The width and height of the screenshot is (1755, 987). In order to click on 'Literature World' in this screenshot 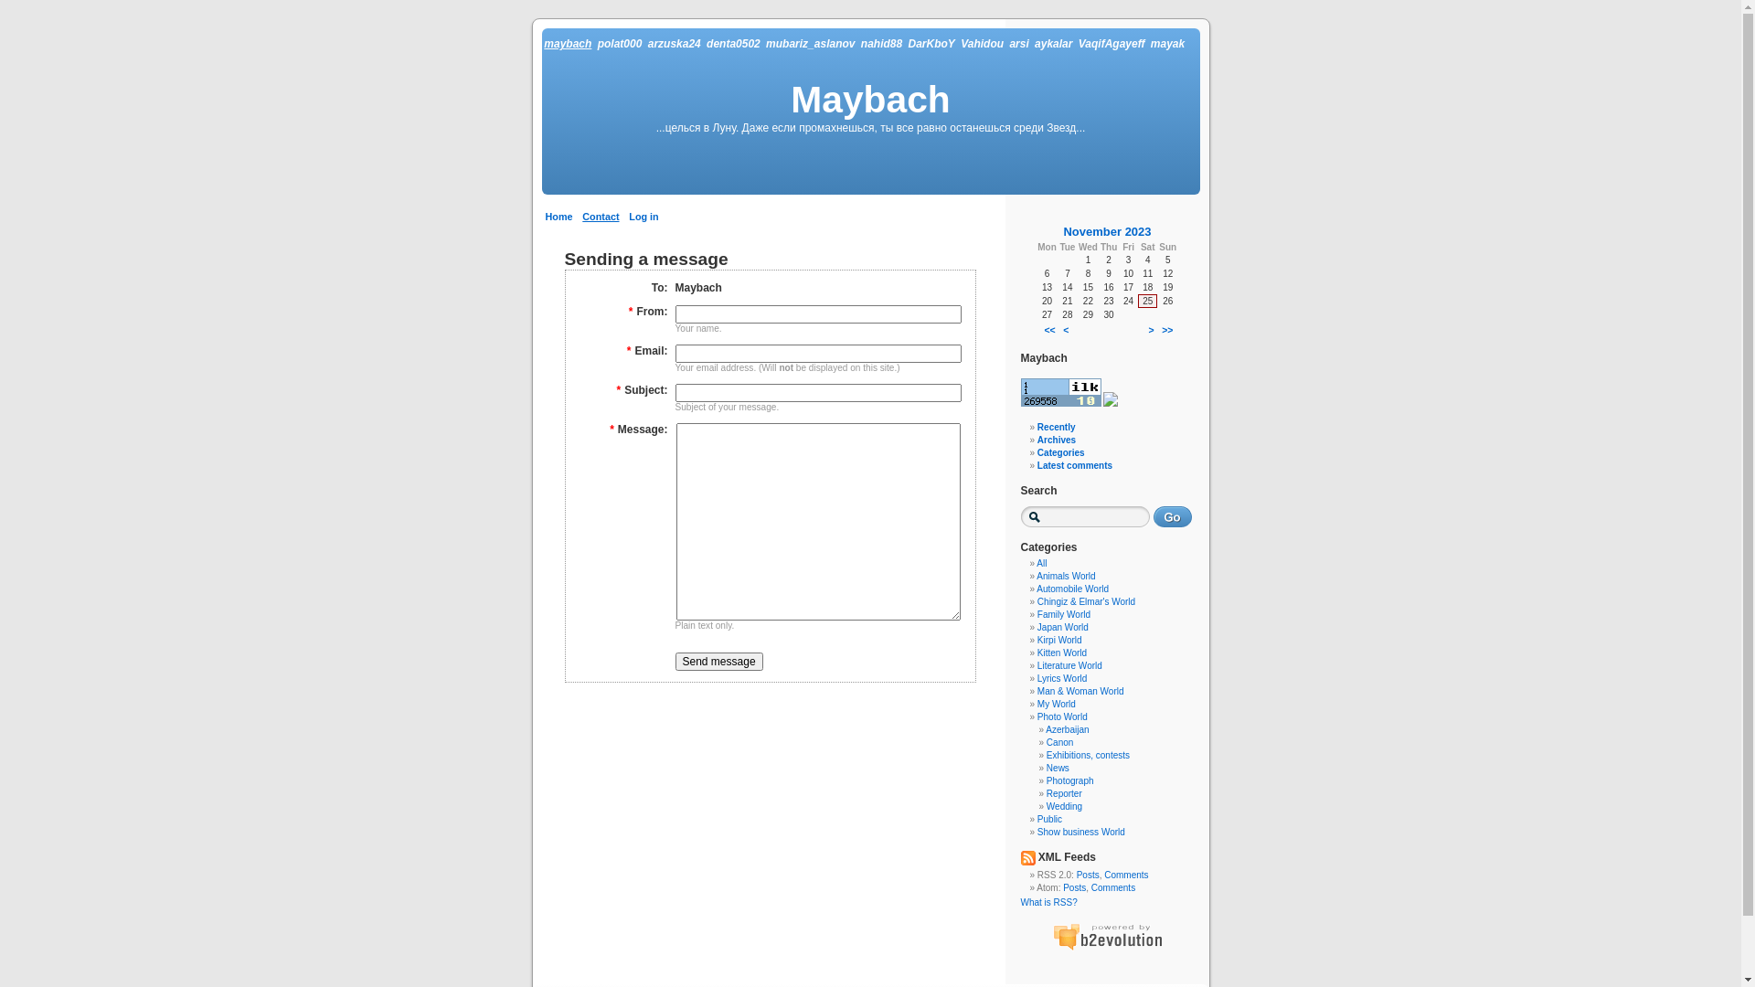, I will do `click(1037, 665)`.